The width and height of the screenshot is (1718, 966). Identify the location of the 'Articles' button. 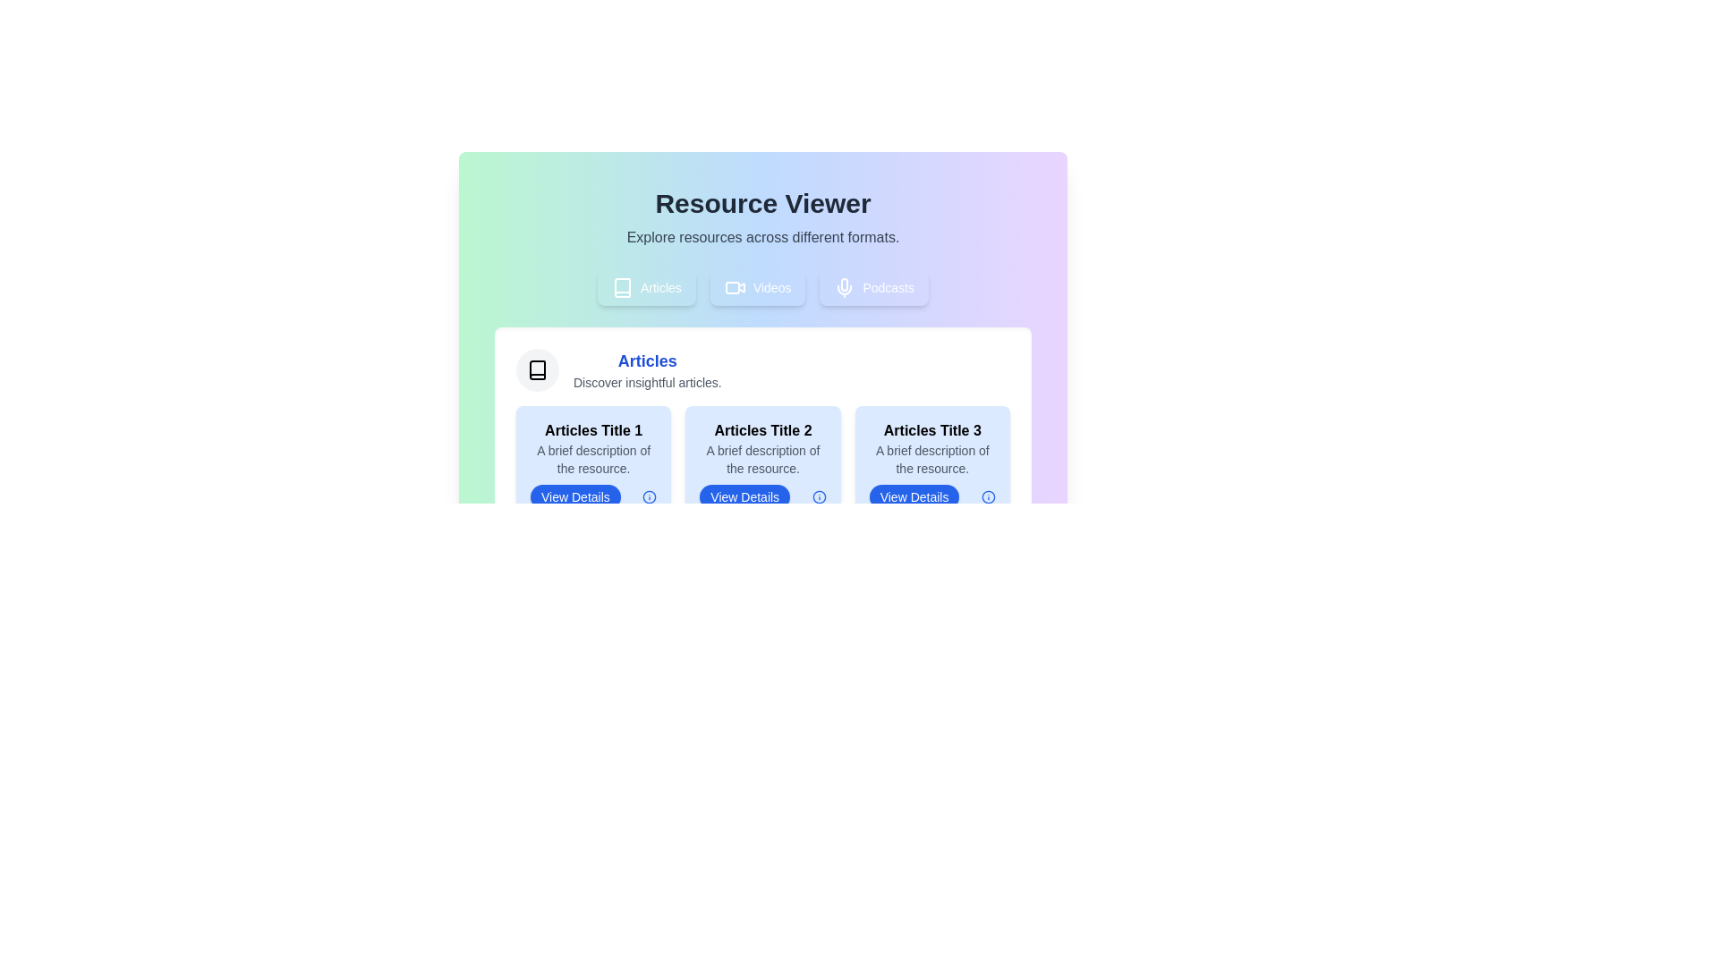
(645, 286).